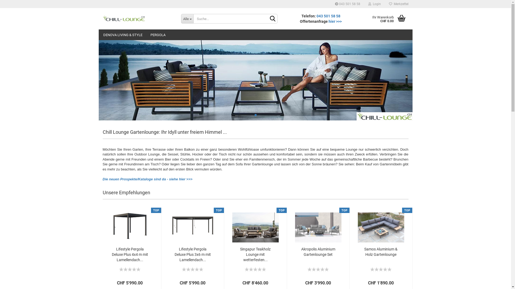  I want to click on 'Die neuen Prospekte/Kataloge sind da - siehe hier >>>', so click(147, 179).